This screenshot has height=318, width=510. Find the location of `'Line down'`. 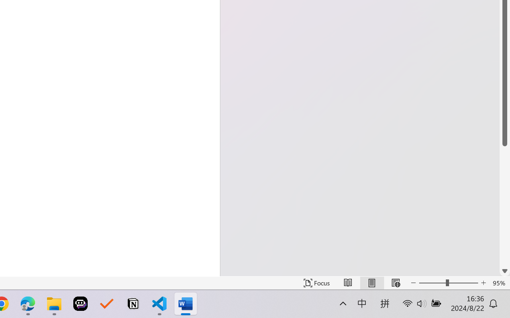

'Line down' is located at coordinates (504, 271).